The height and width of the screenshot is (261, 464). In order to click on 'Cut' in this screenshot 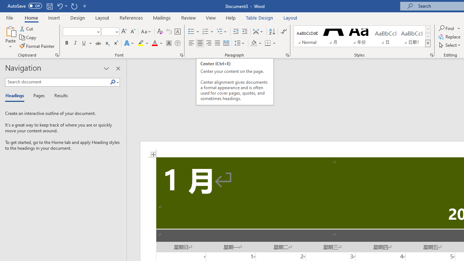, I will do `click(27, 28)`.